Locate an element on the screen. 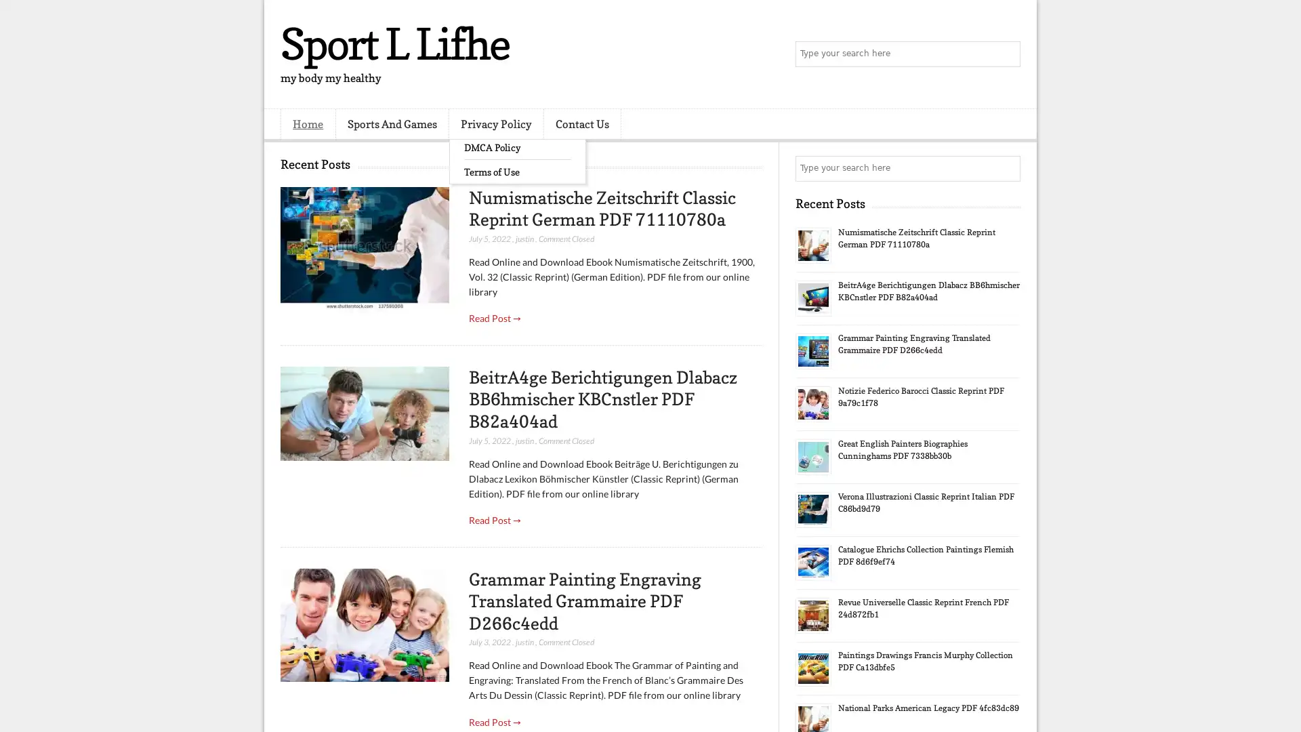 This screenshot has height=732, width=1301. Search is located at coordinates (1006, 168).